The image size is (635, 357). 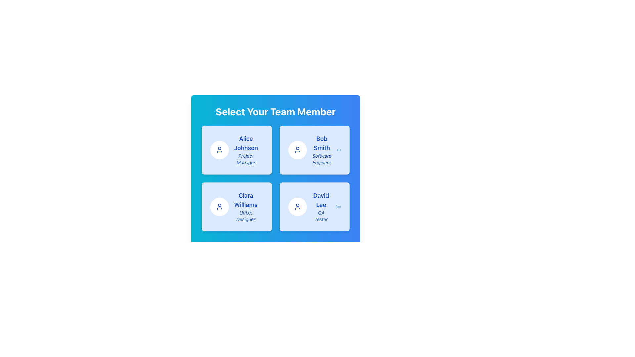 I want to click on text from the text label displaying 'QA Tester', which is styled in blue and located under the name 'David Lee' in the card layout, so click(x=321, y=216).